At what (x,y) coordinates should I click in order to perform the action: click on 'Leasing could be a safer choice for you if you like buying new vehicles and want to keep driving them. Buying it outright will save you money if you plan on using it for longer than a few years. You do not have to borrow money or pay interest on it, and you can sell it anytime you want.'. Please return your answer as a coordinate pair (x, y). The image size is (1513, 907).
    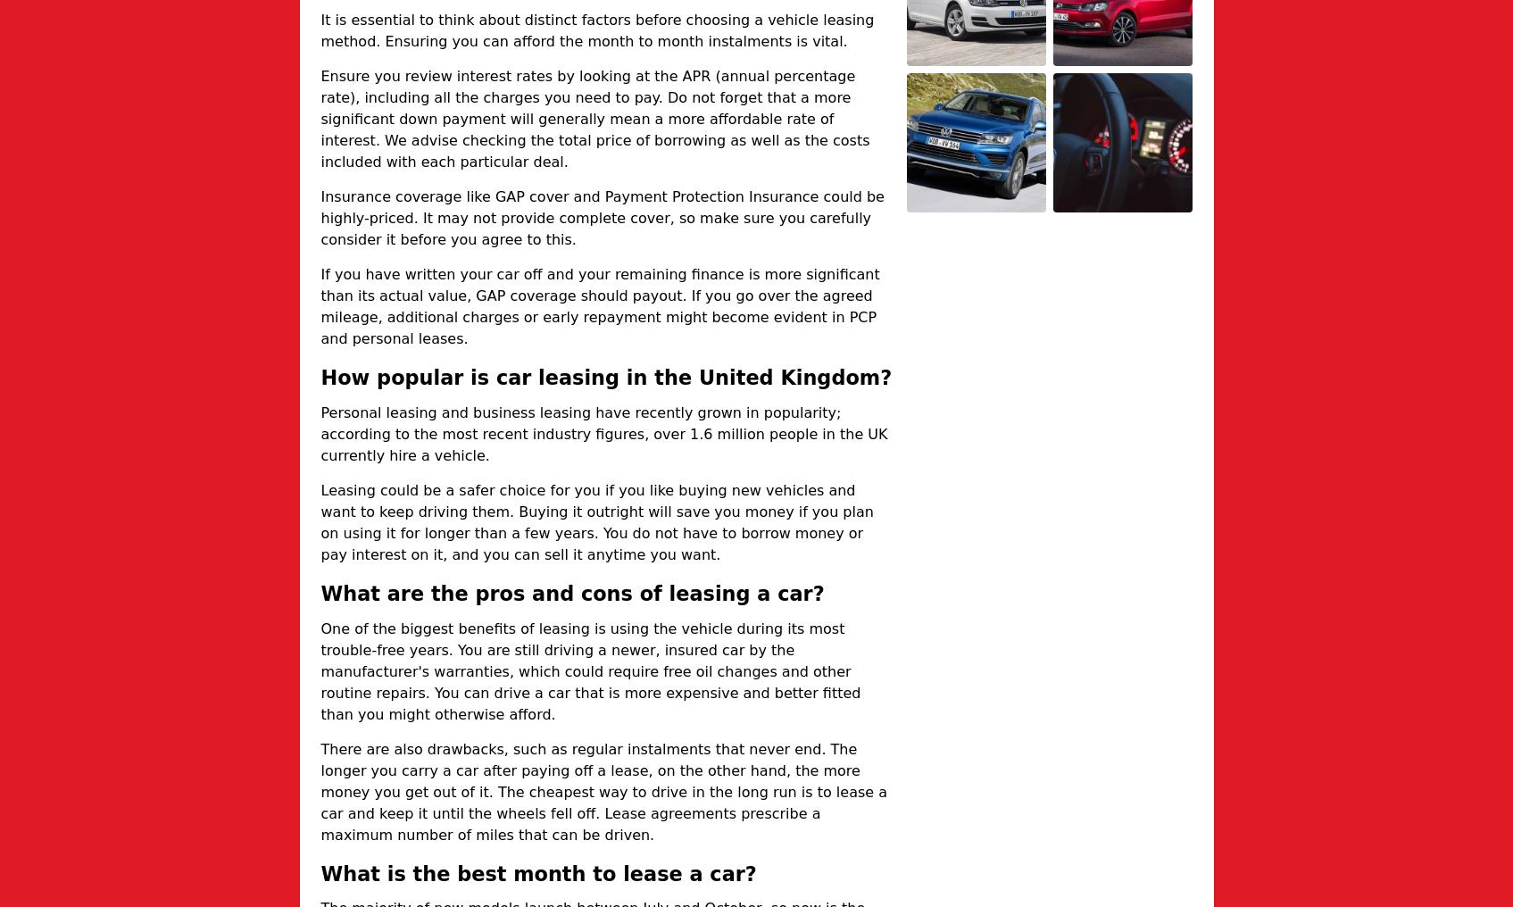
    Looking at the image, I should click on (596, 522).